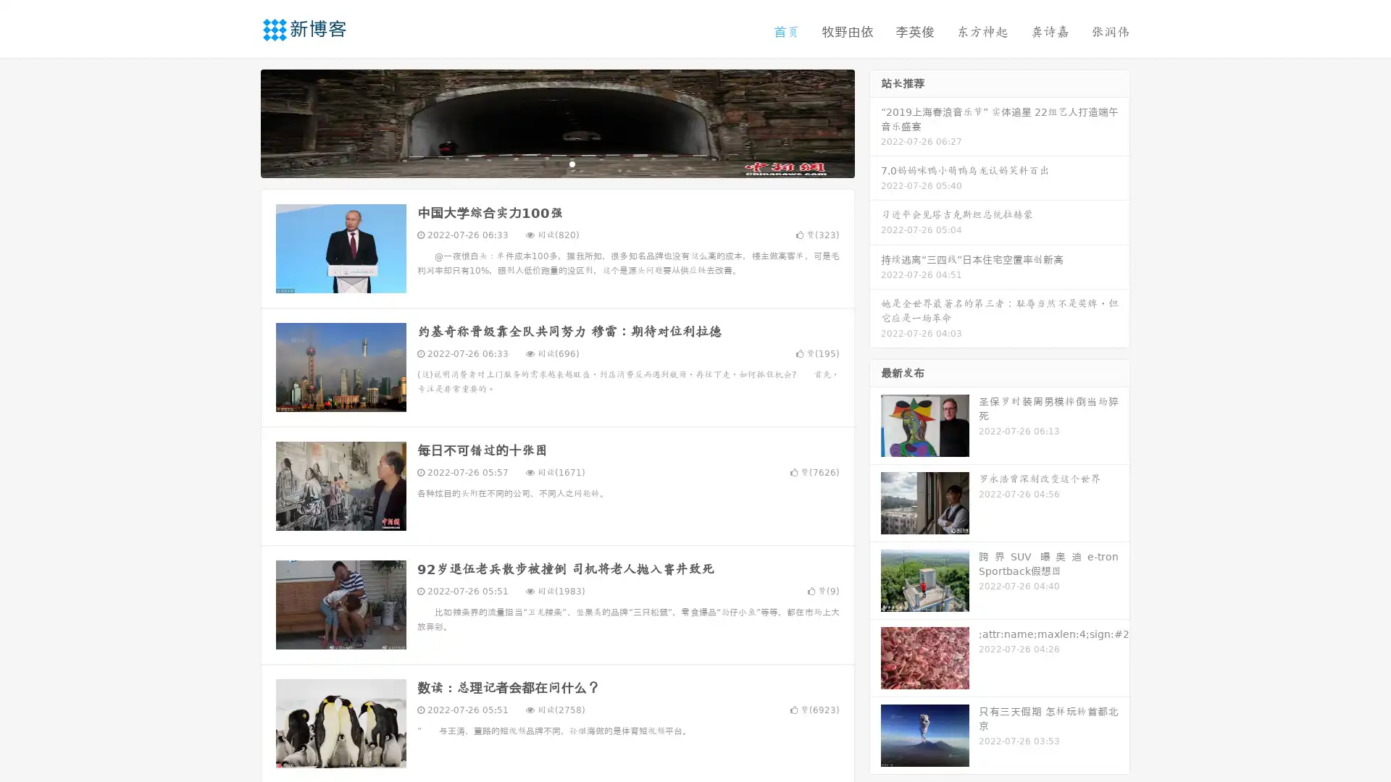  I want to click on Next slide, so click(875, 122).